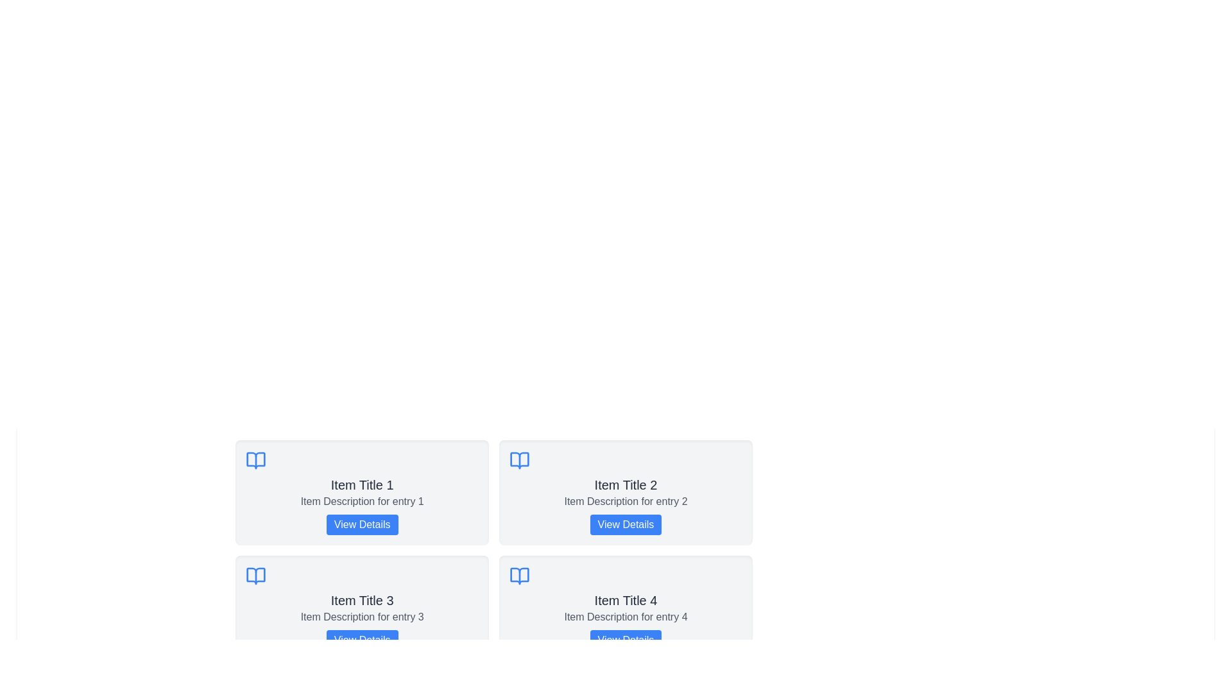 This screenshot has width=1232, height=693. I want to click on the static text label that serves as the heading of the fourth card in the grid layout, positioned centrally near the top of the card, so click(626, 601).